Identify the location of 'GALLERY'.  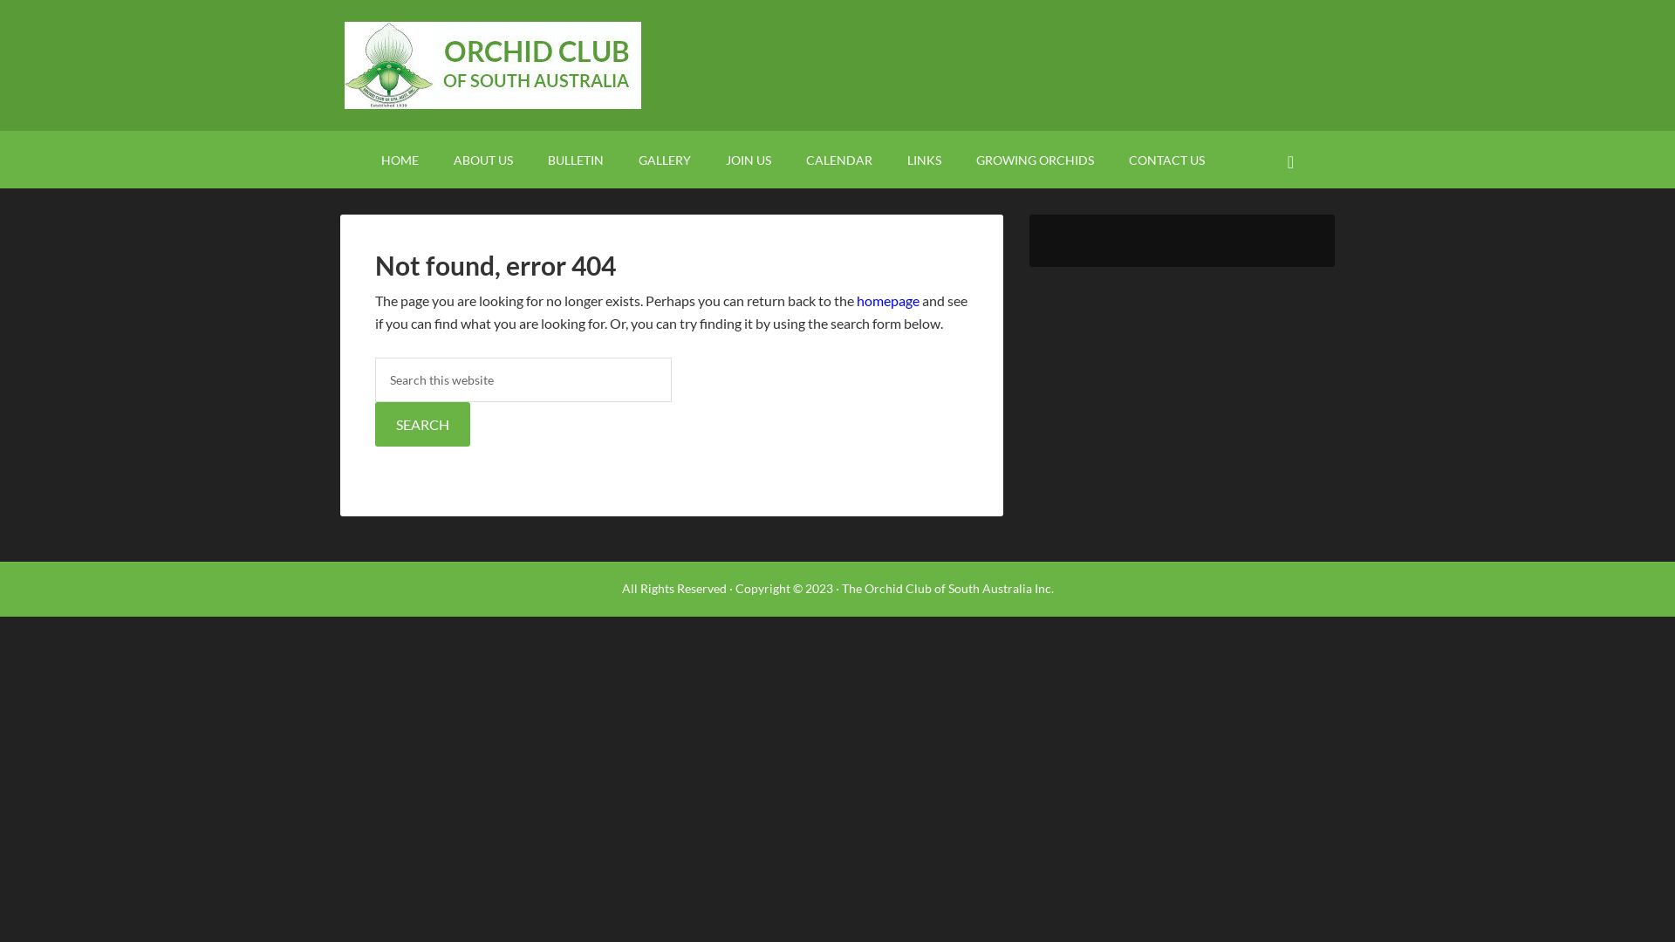
(664, 159).